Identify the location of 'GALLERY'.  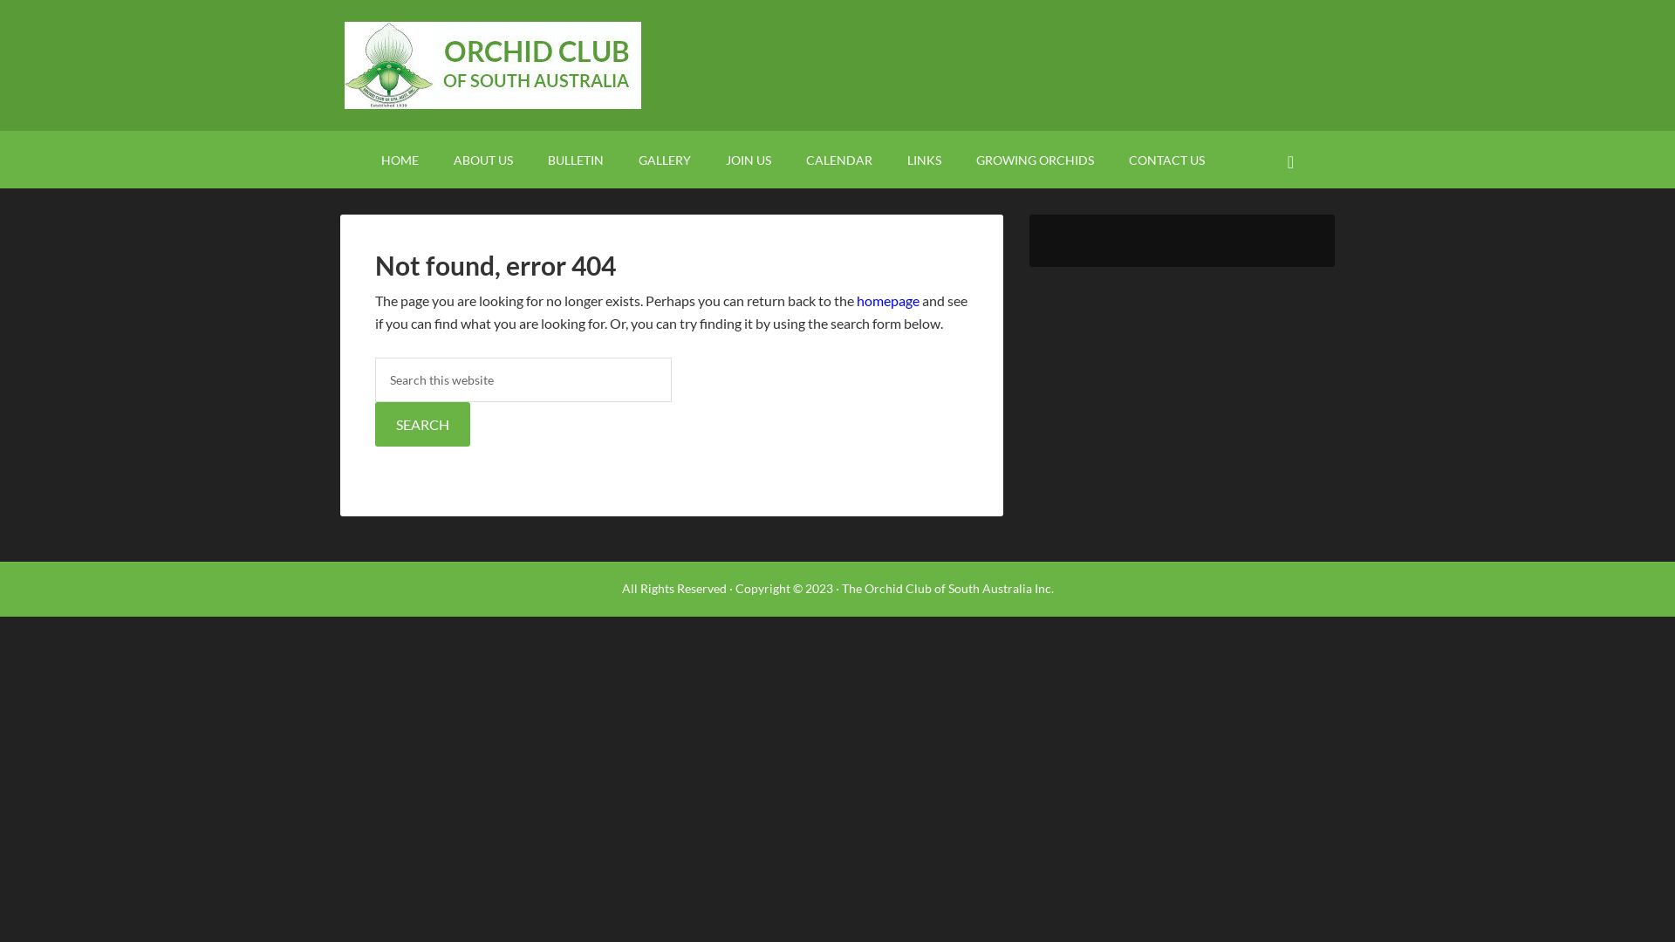
(664, 159).